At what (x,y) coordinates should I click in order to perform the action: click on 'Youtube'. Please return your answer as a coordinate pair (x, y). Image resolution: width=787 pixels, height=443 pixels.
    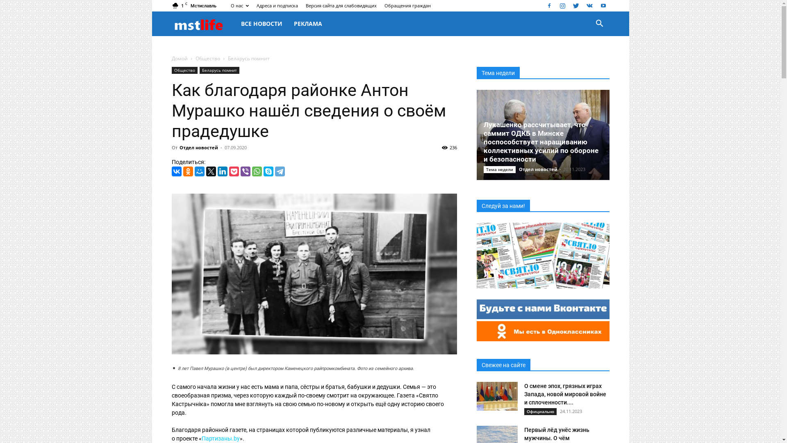
    Looking at the image, I should click on (603, 6).